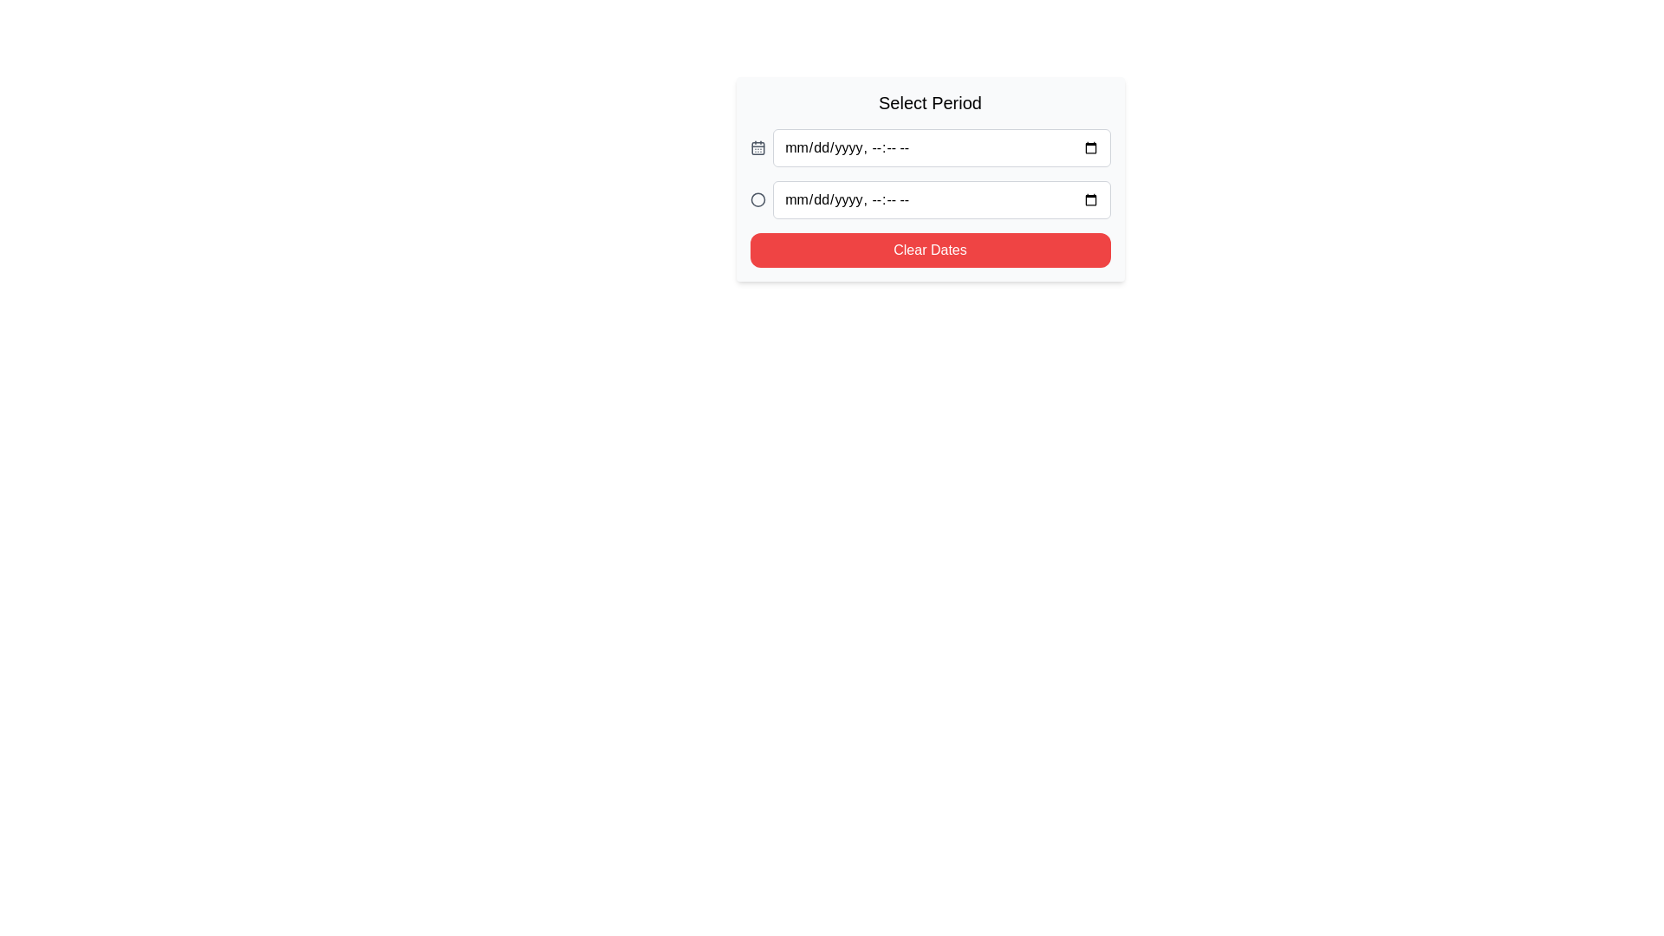 The height and width of the screenshot is (936, 1664). Describe the element at coordinates (757, 199) in the screenshot. I see `the small circular decorative icon with a gray color, located to the left of the second date input box in the 'Select Period' form` at that location.